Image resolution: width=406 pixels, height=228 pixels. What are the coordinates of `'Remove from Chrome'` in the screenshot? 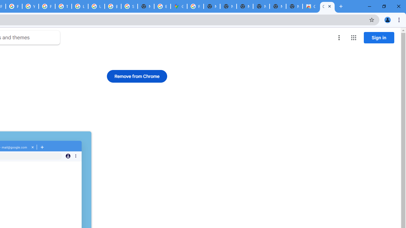 It's located at (137, 76).